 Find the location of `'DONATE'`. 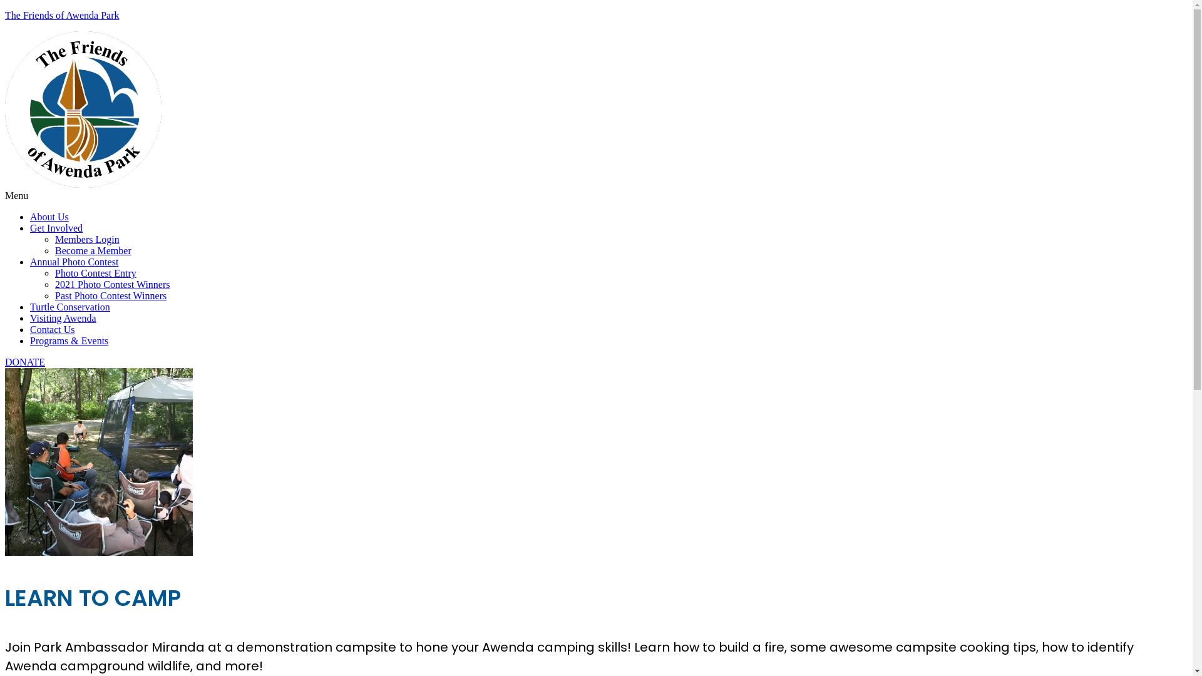

'DONATE' is located at coordinates (24, 362).